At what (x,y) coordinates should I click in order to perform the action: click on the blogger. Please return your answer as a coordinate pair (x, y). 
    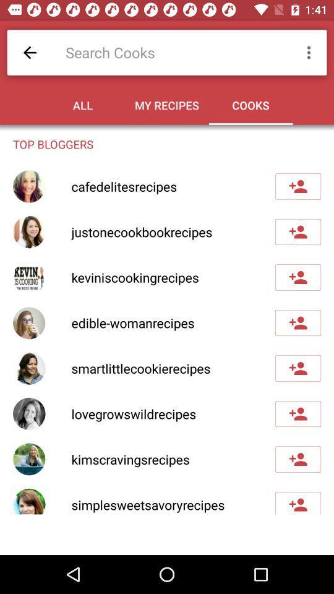
    Looking at the image, I should click on (298, 277).